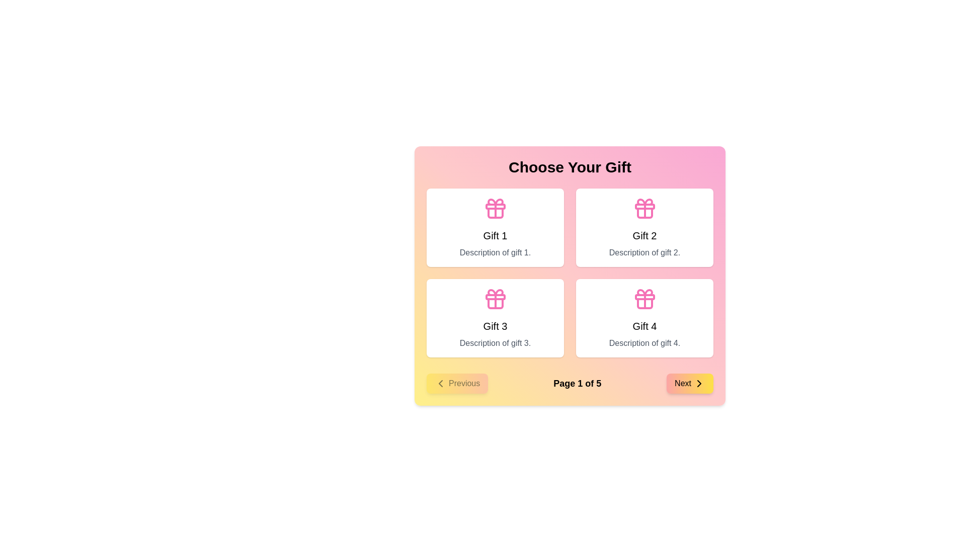 The image size is (966, 543). Describe the element at coordinates (577, 384) in the screenshot. I see `the text label displaying 'Page 1 of 5', which is bold and slightly larger, centered in the bottom row between the 'Previous' and 'Next' buttons` at that location.